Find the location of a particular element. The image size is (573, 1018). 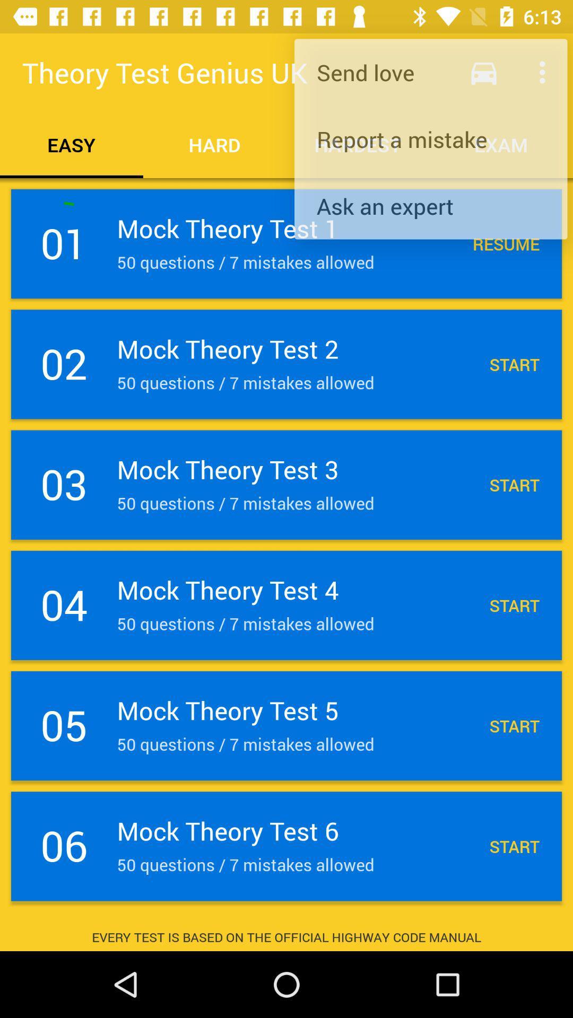

the symbol which is left to the option symbol is located at coordinates (483, 72).